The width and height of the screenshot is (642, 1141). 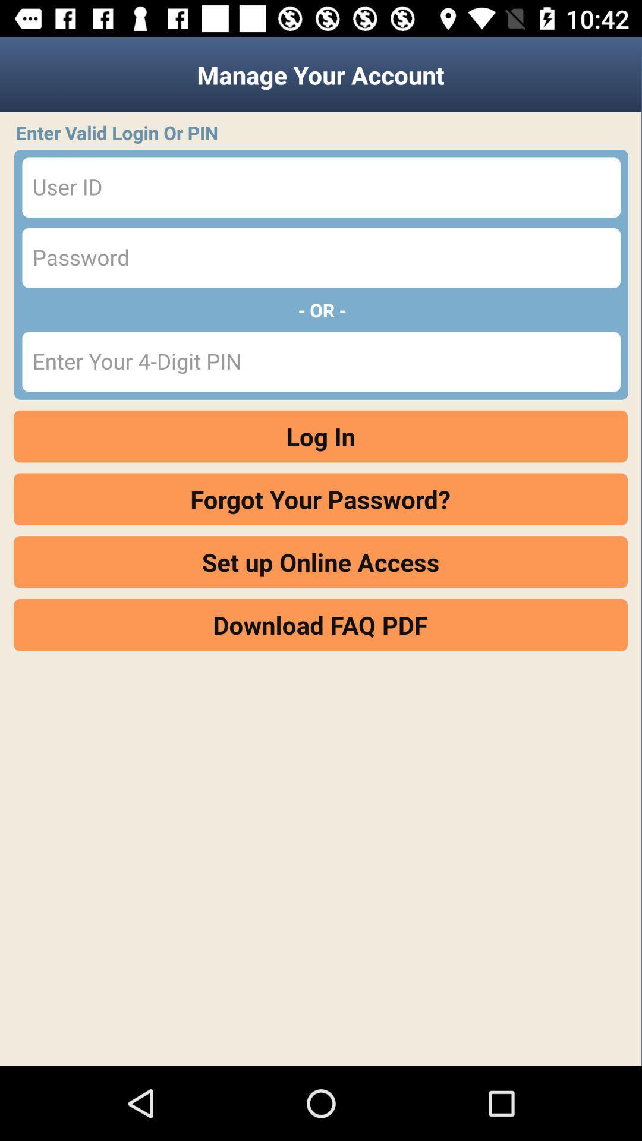 What do you see at coordinates (321, 361) in the screenshot?
I see `the 4 digit pin field` at bounding box center [321, 361].